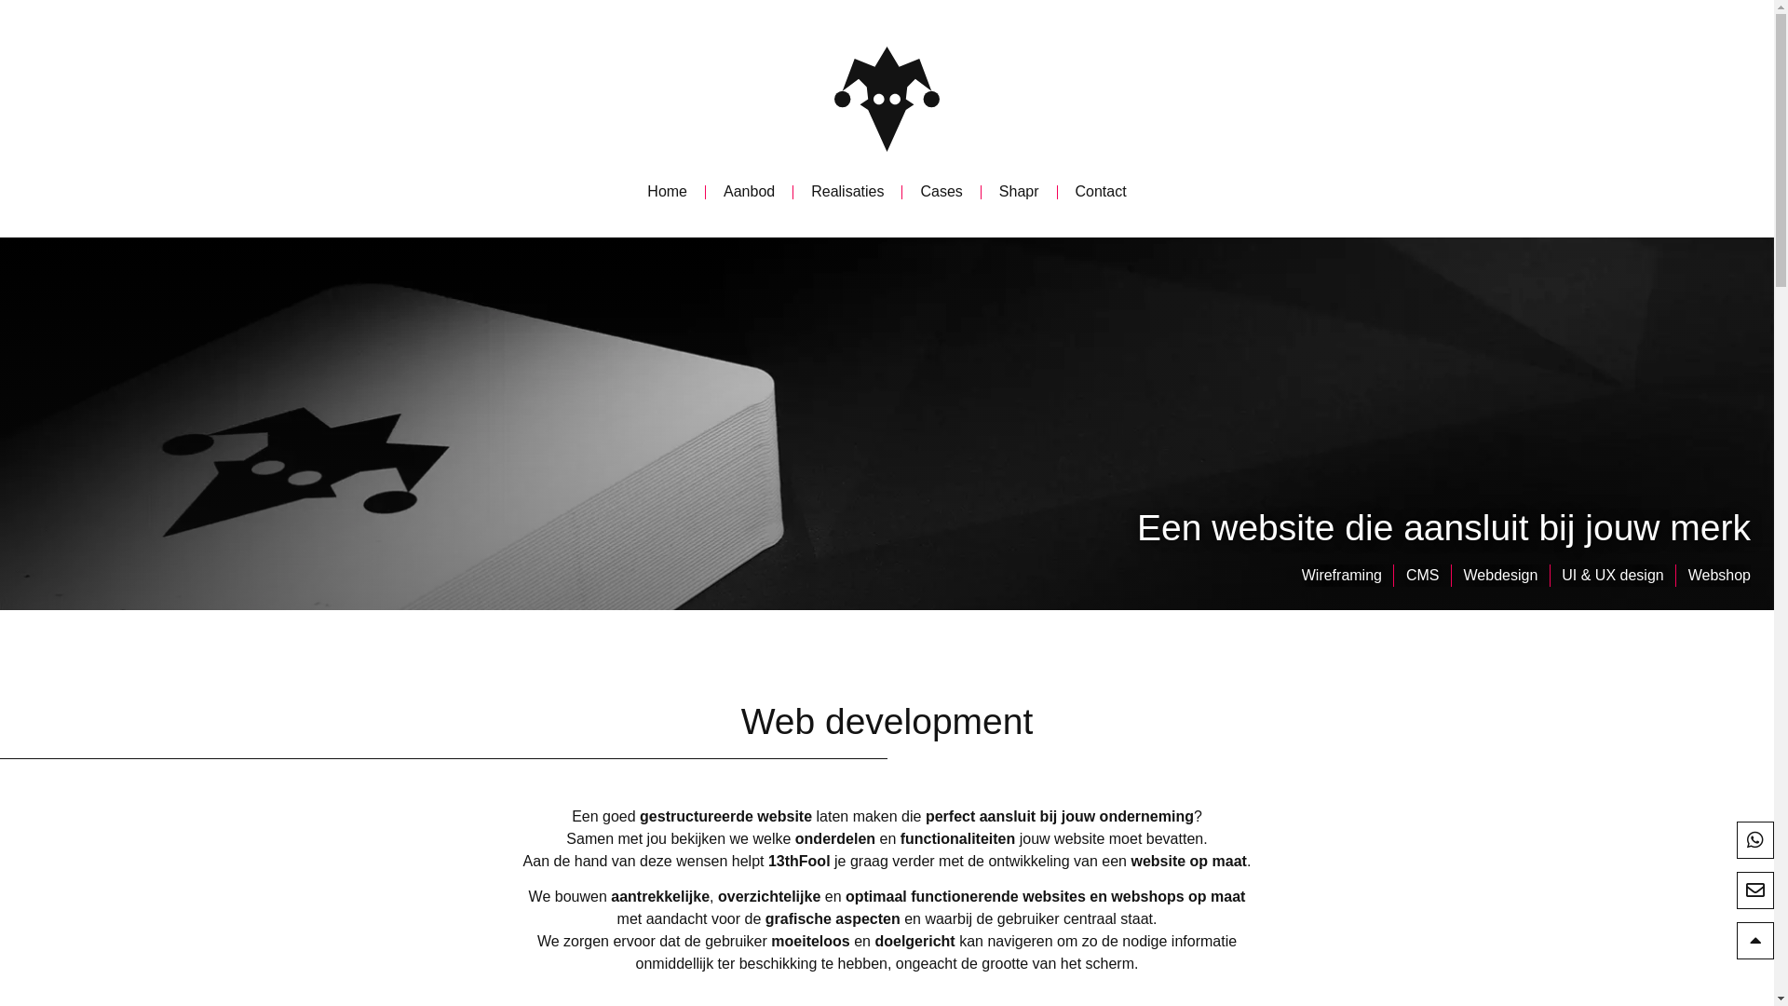 This screenshot has width=1788, height=1006. What do you see at coordinates (1421, 574) in the screenshot?
I see `'CMS'` at bounding box center [1421, 574].